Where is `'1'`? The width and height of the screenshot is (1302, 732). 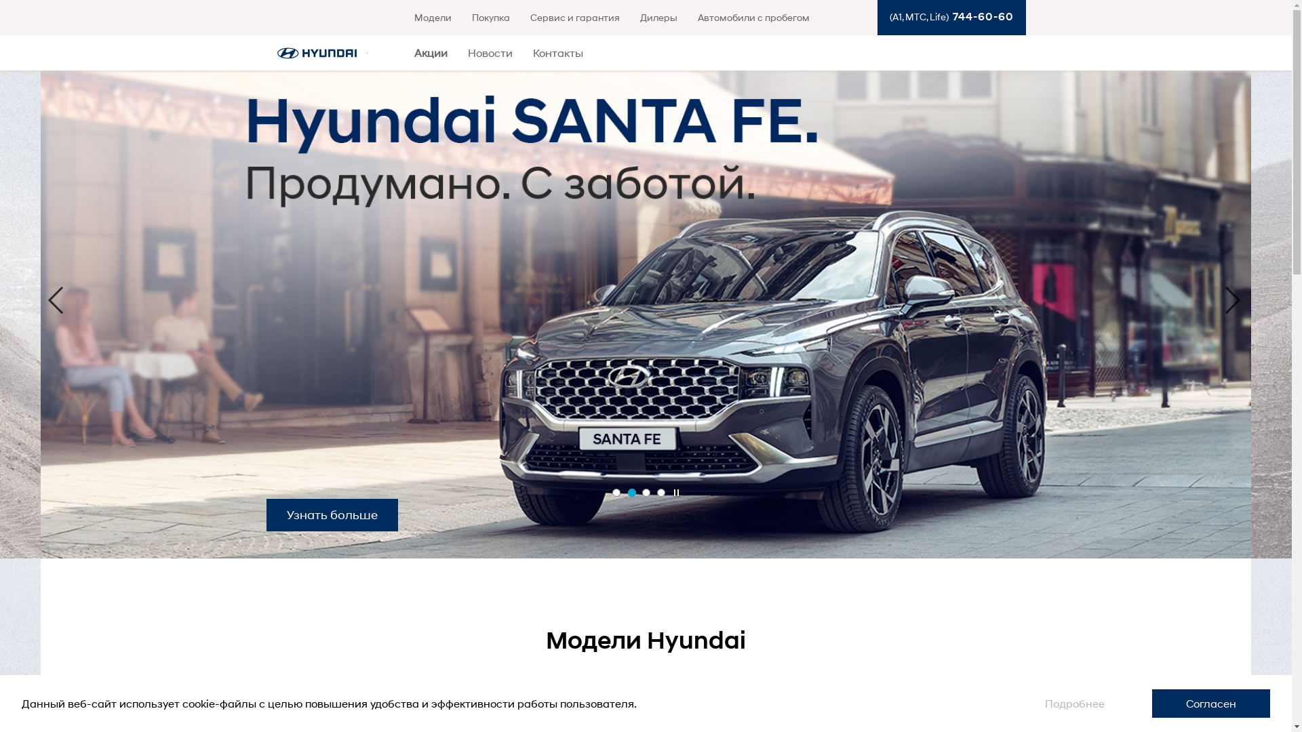 '1' is located at coordinates (614, 492).